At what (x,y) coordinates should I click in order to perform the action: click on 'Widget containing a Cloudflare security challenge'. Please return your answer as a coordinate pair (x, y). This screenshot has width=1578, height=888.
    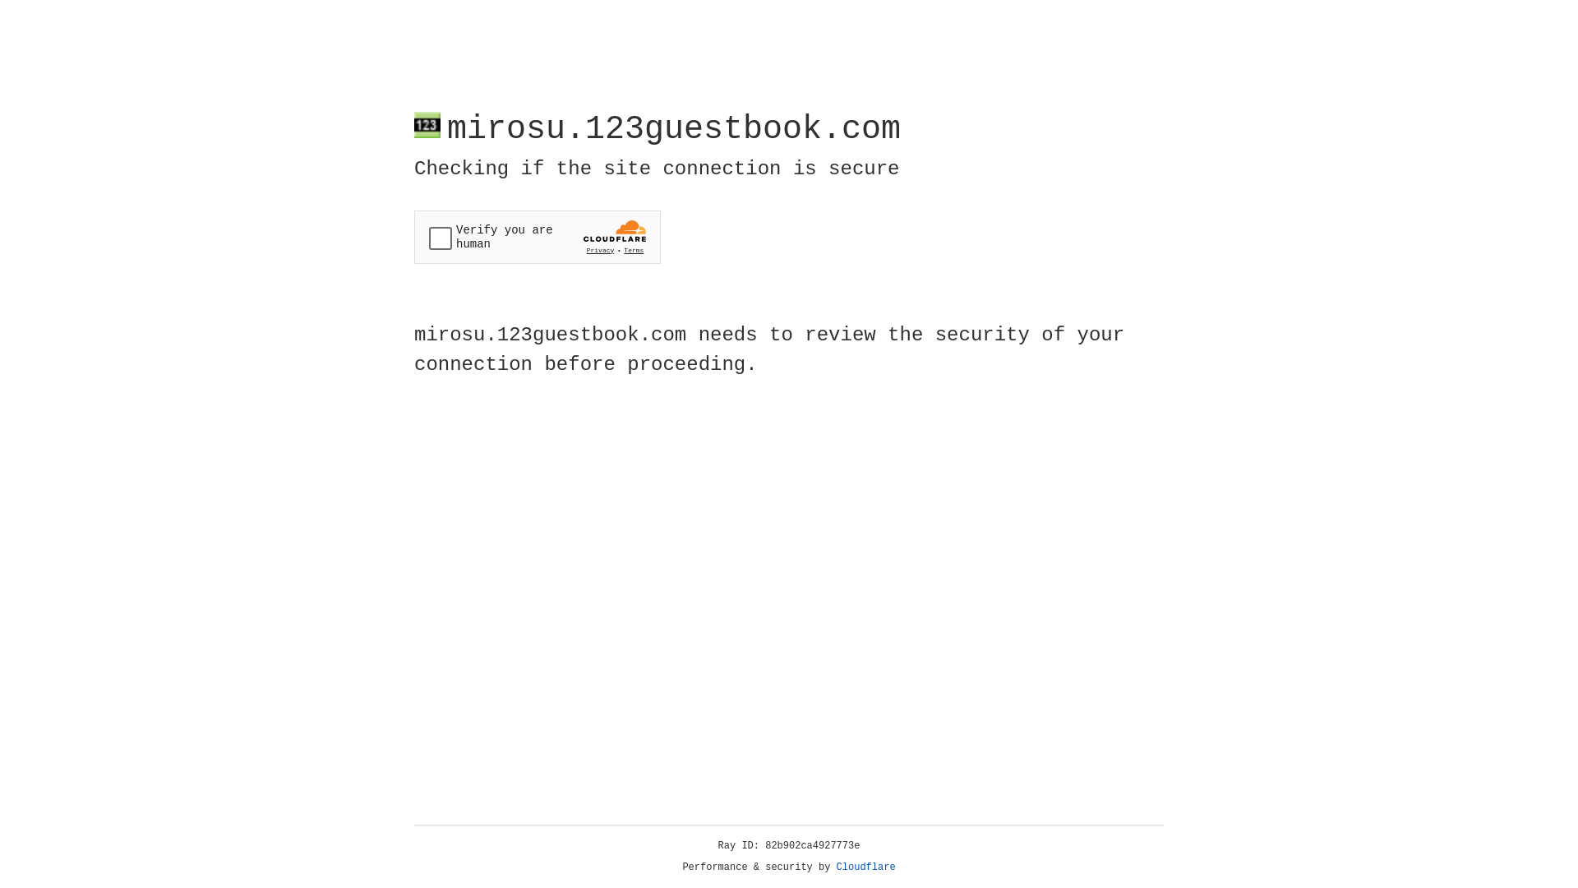
    Looking at the image, I should click on (537, 237).